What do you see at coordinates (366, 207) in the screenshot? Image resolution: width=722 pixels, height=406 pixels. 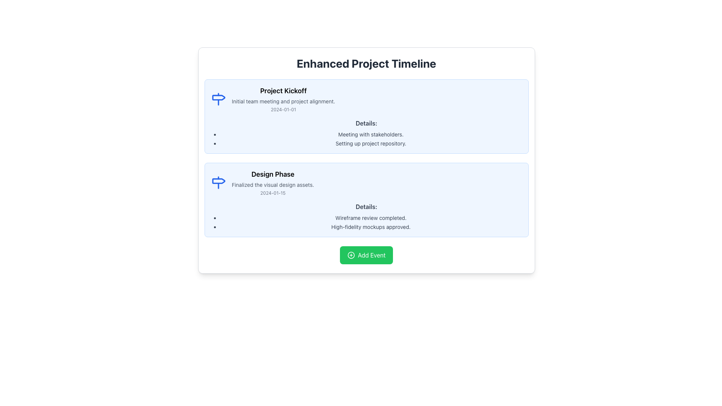 I see `the 'Details:' text label, which is styled in bold gray and serves as a section header in the 'Design Phase' section` at bounding box center [366, 207].